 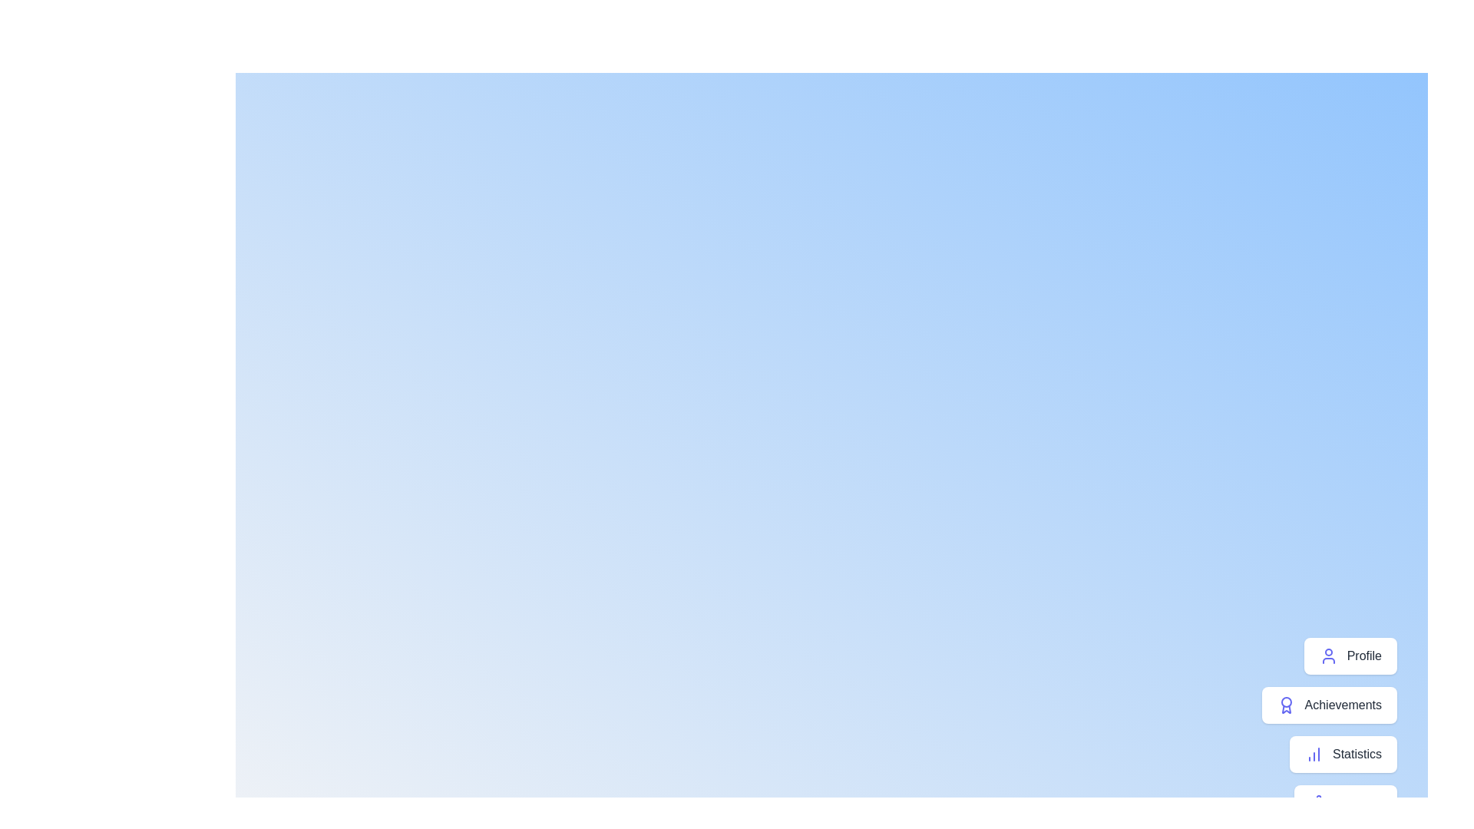 What do you see at coordinates (1344, 802) in the screenshot?
I see `the 'Settings' button to select the 'Settings' option` at bounding box center [1344, 802].